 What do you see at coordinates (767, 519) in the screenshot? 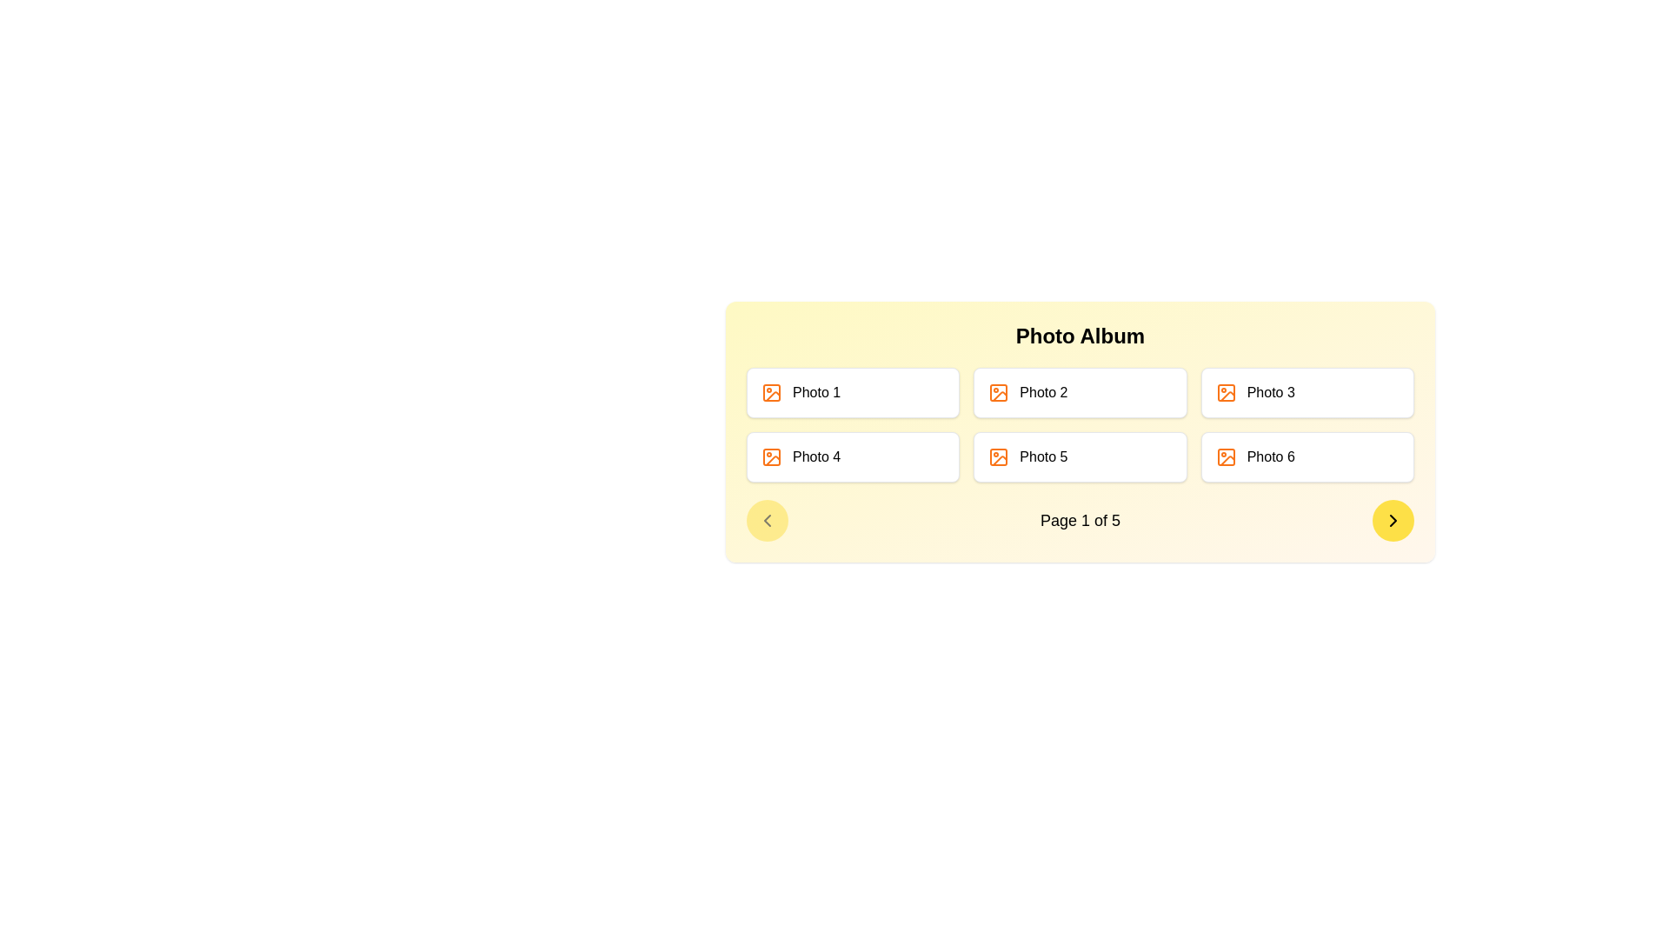
I see `the left-facing chevron icon inside the circular button with a yellow background, located in the bottom-left corner of the photo album panel to visualize interactivity effects` at bounding box center [767, 519].